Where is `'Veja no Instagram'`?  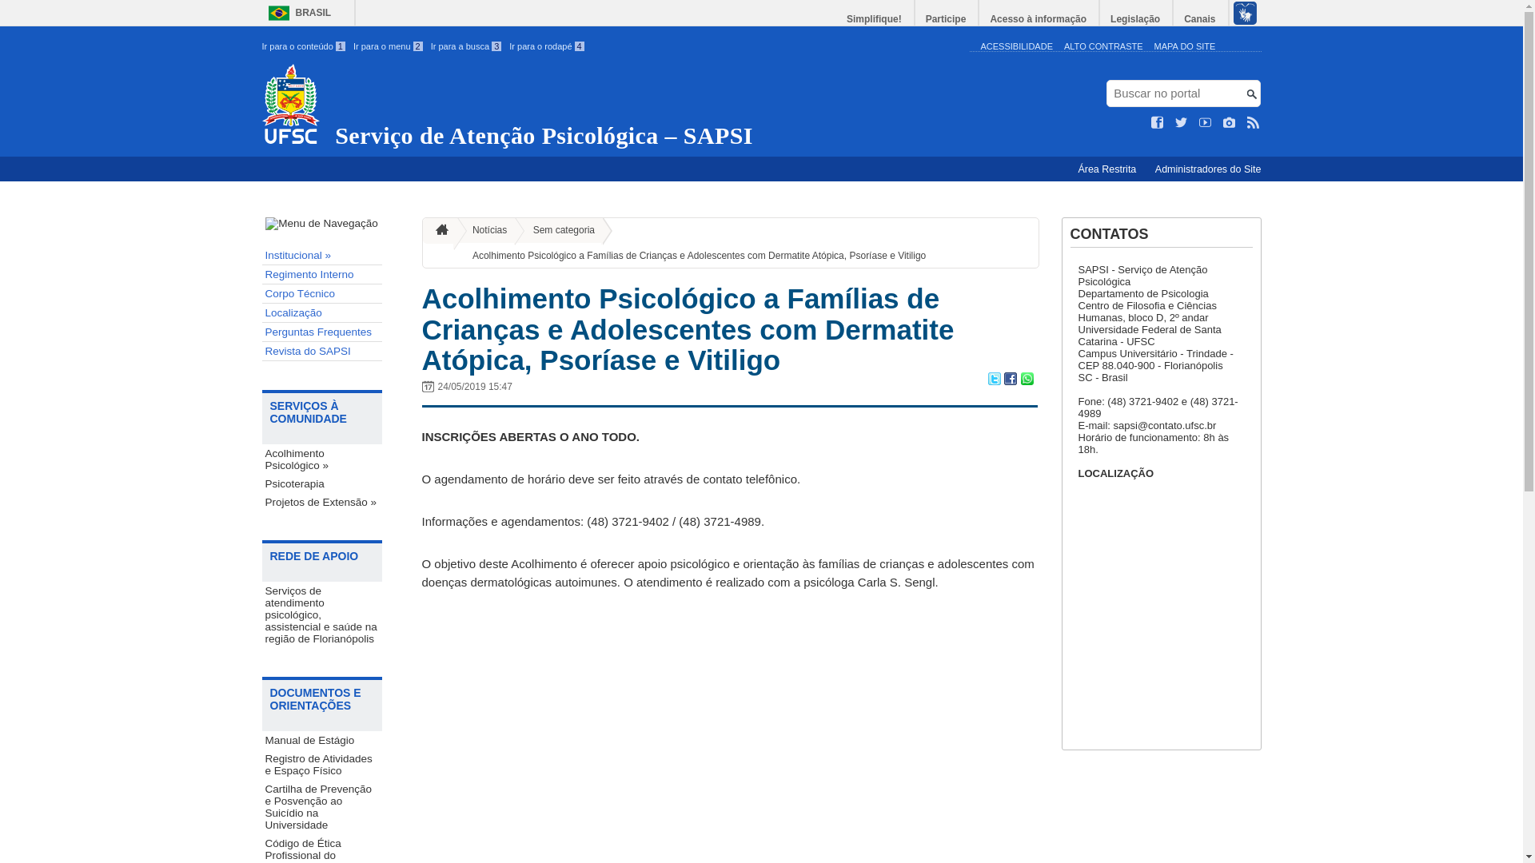 'Veja no Instagram' is located at coordinates (1228, 122).